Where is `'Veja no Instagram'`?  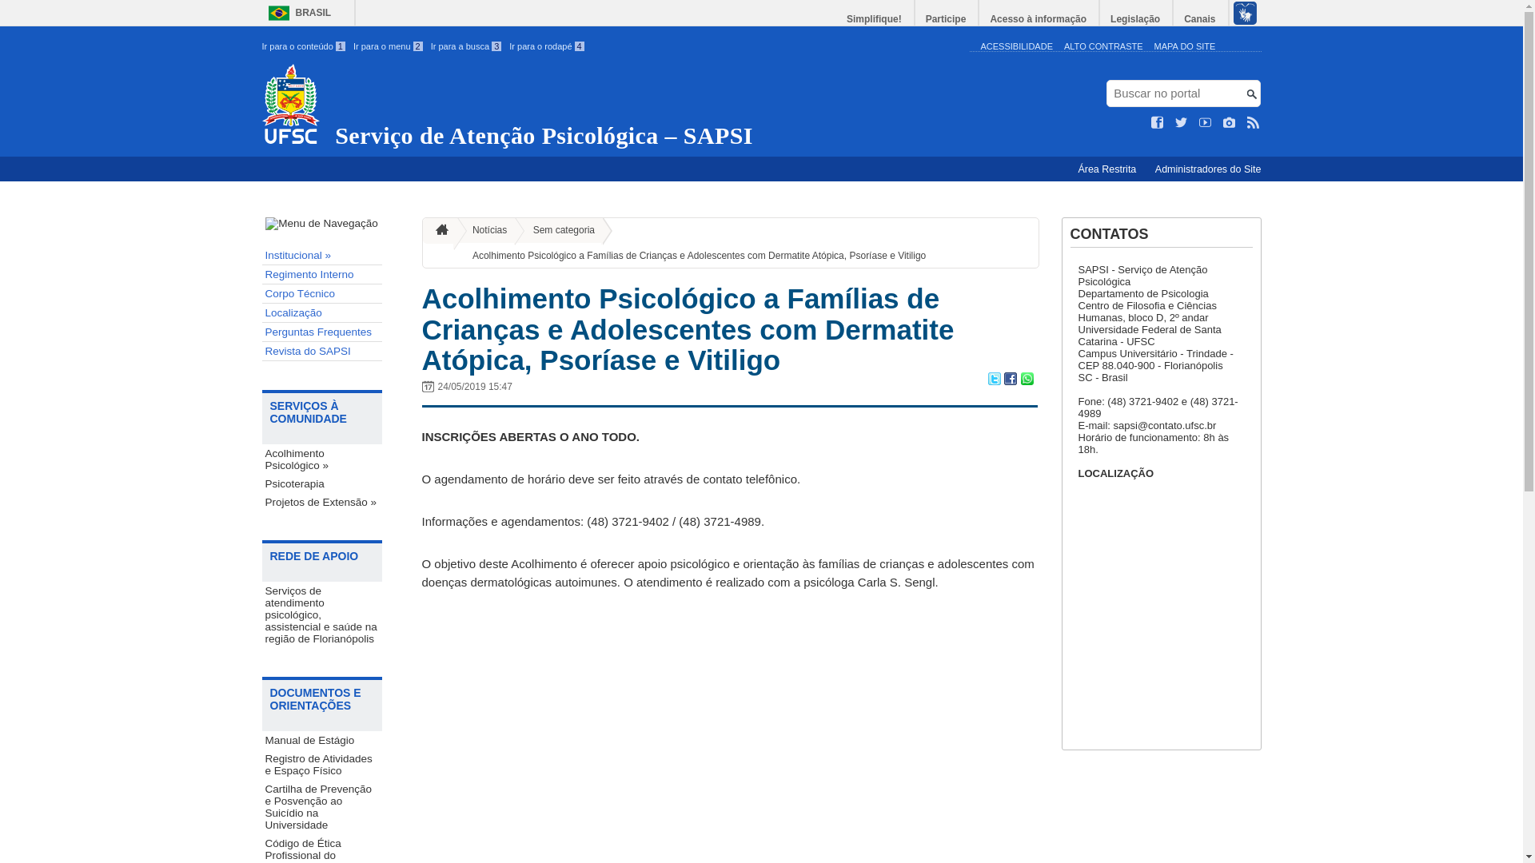 'Veja no Instagram' is located at coordinates (1228, 122).